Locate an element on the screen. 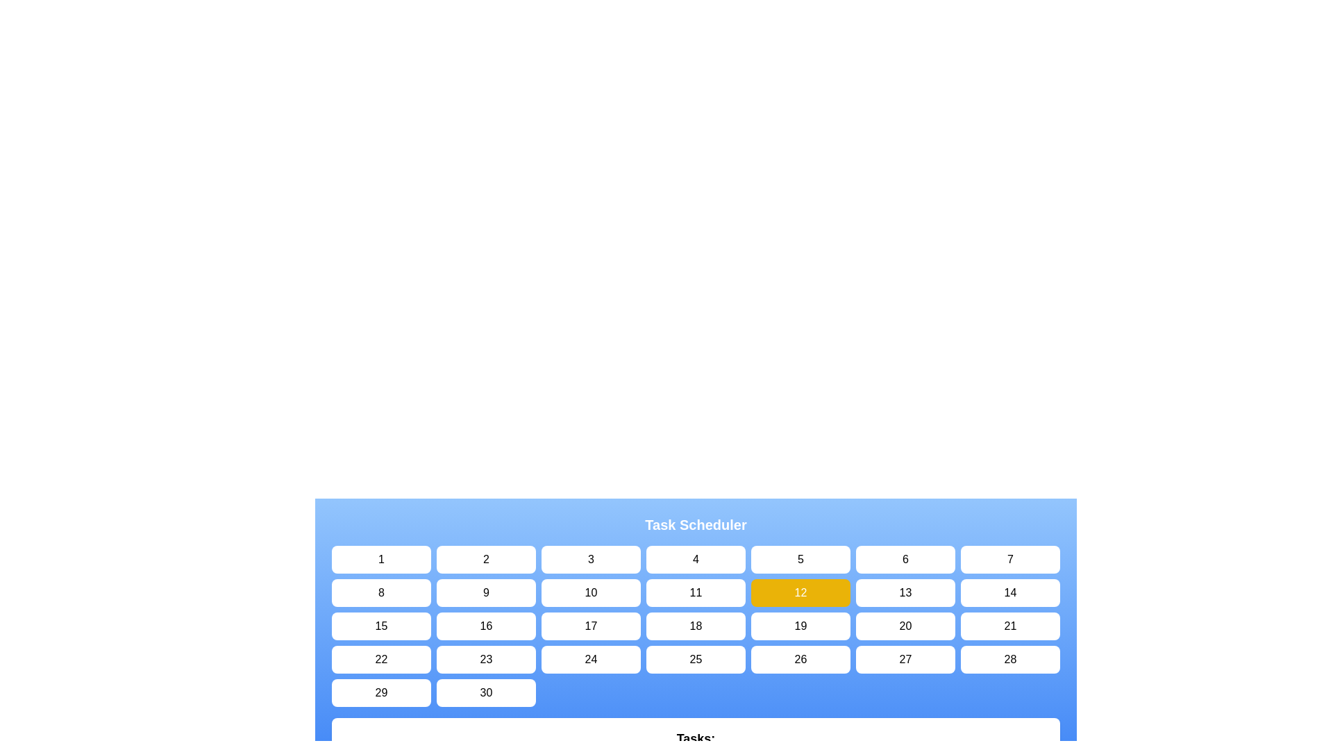 Image resolution: width=1333 pixels, height=750 pixels. the rounded rectangular button labeled '14' with a white background and black text is located at coordinates (1010, 592).